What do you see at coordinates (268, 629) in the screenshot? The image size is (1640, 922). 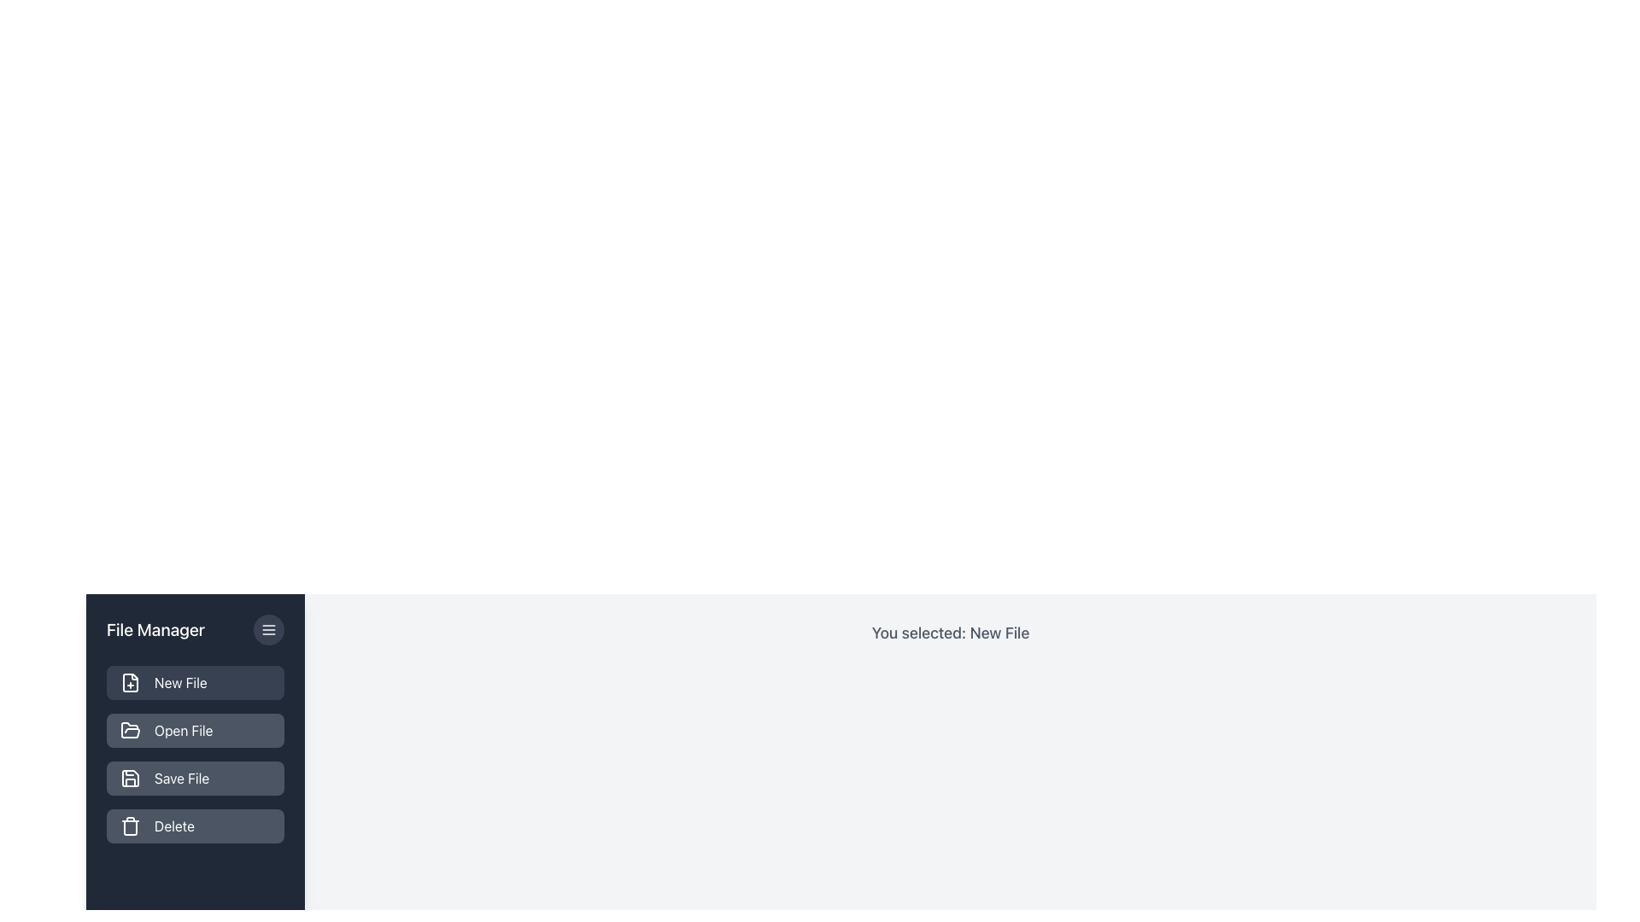 I see `the menu toggle button located at the top-right corner of the 'File Manager' section` at bounding box center [268, 629].